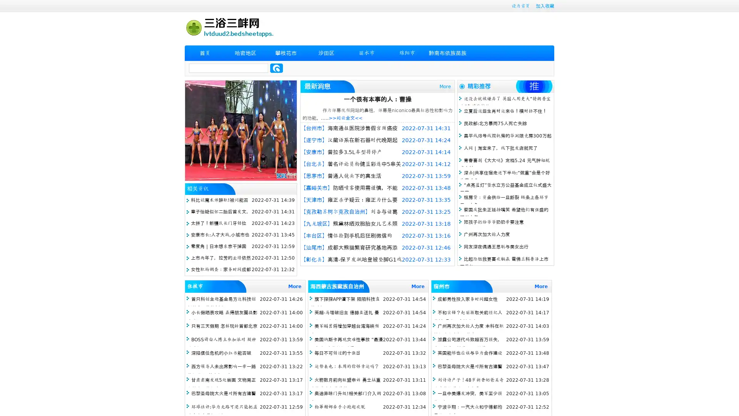  Describe the element at coordinates (276, 68) in the screenshot. I see `Search` at that location.